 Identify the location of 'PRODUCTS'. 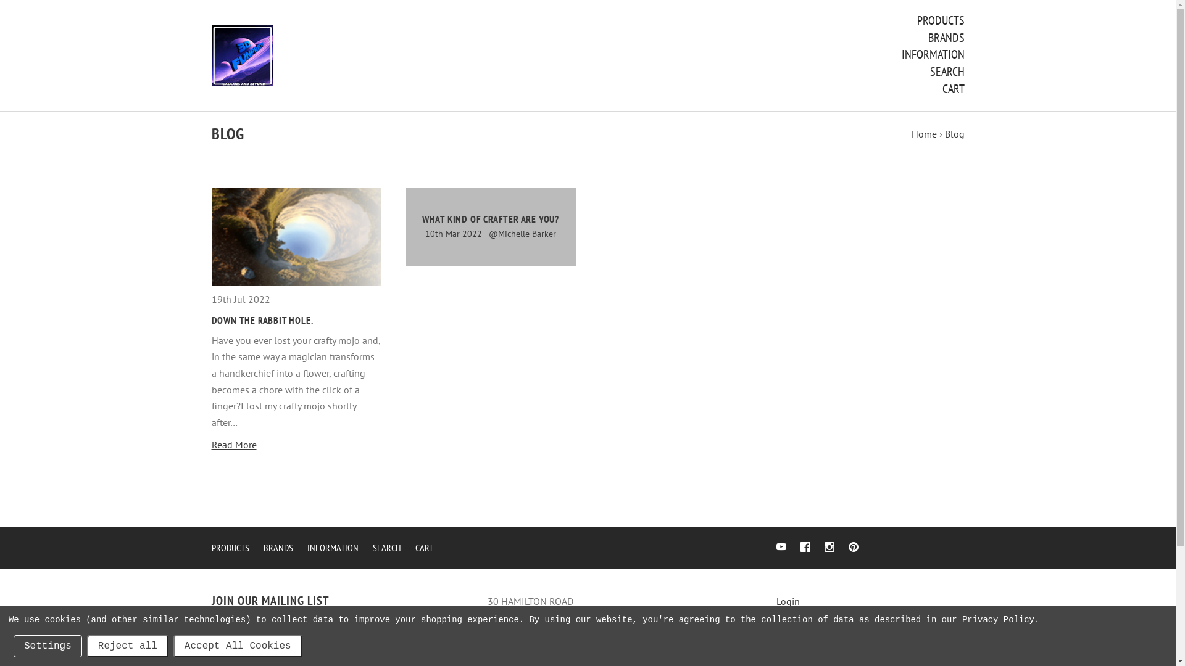
(940, 20).